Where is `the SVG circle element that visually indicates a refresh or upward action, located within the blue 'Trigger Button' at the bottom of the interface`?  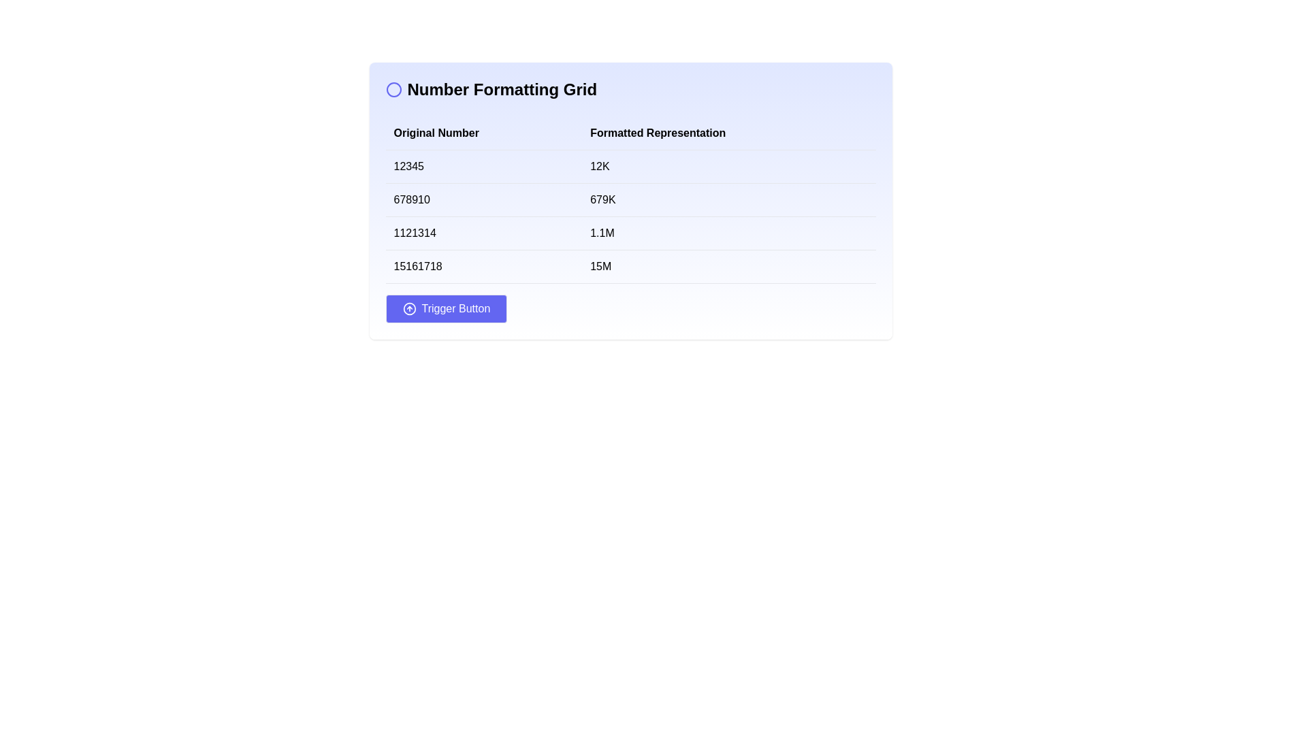
the SVG circle element that visually indicates a refresh or upward action, located within the blue 'Trigger Button' at the bottom of the interface is located at coordinates (408, 309).